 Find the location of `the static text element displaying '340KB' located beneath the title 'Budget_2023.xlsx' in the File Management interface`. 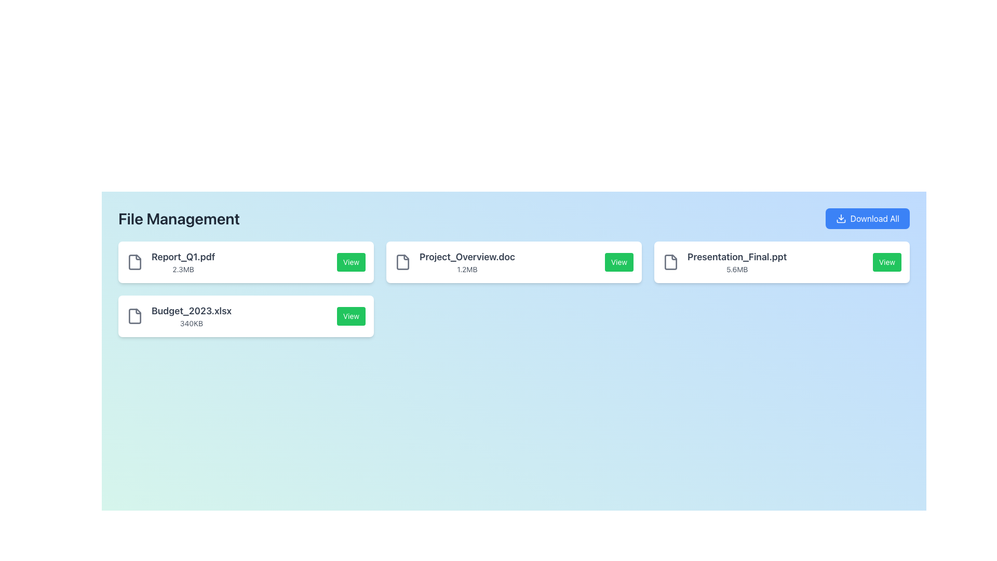

the static text element displaying '340KB' located beneath the title 'Budget_2023.xlsx' in the File Management interface is located at coordinates (192, 323).